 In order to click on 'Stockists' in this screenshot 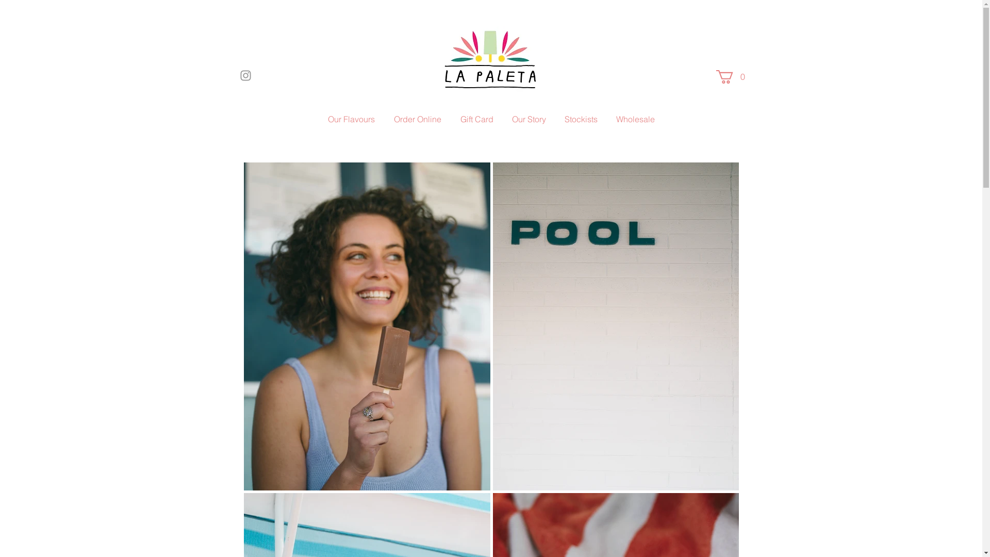, I will do `click(555, 119)`.